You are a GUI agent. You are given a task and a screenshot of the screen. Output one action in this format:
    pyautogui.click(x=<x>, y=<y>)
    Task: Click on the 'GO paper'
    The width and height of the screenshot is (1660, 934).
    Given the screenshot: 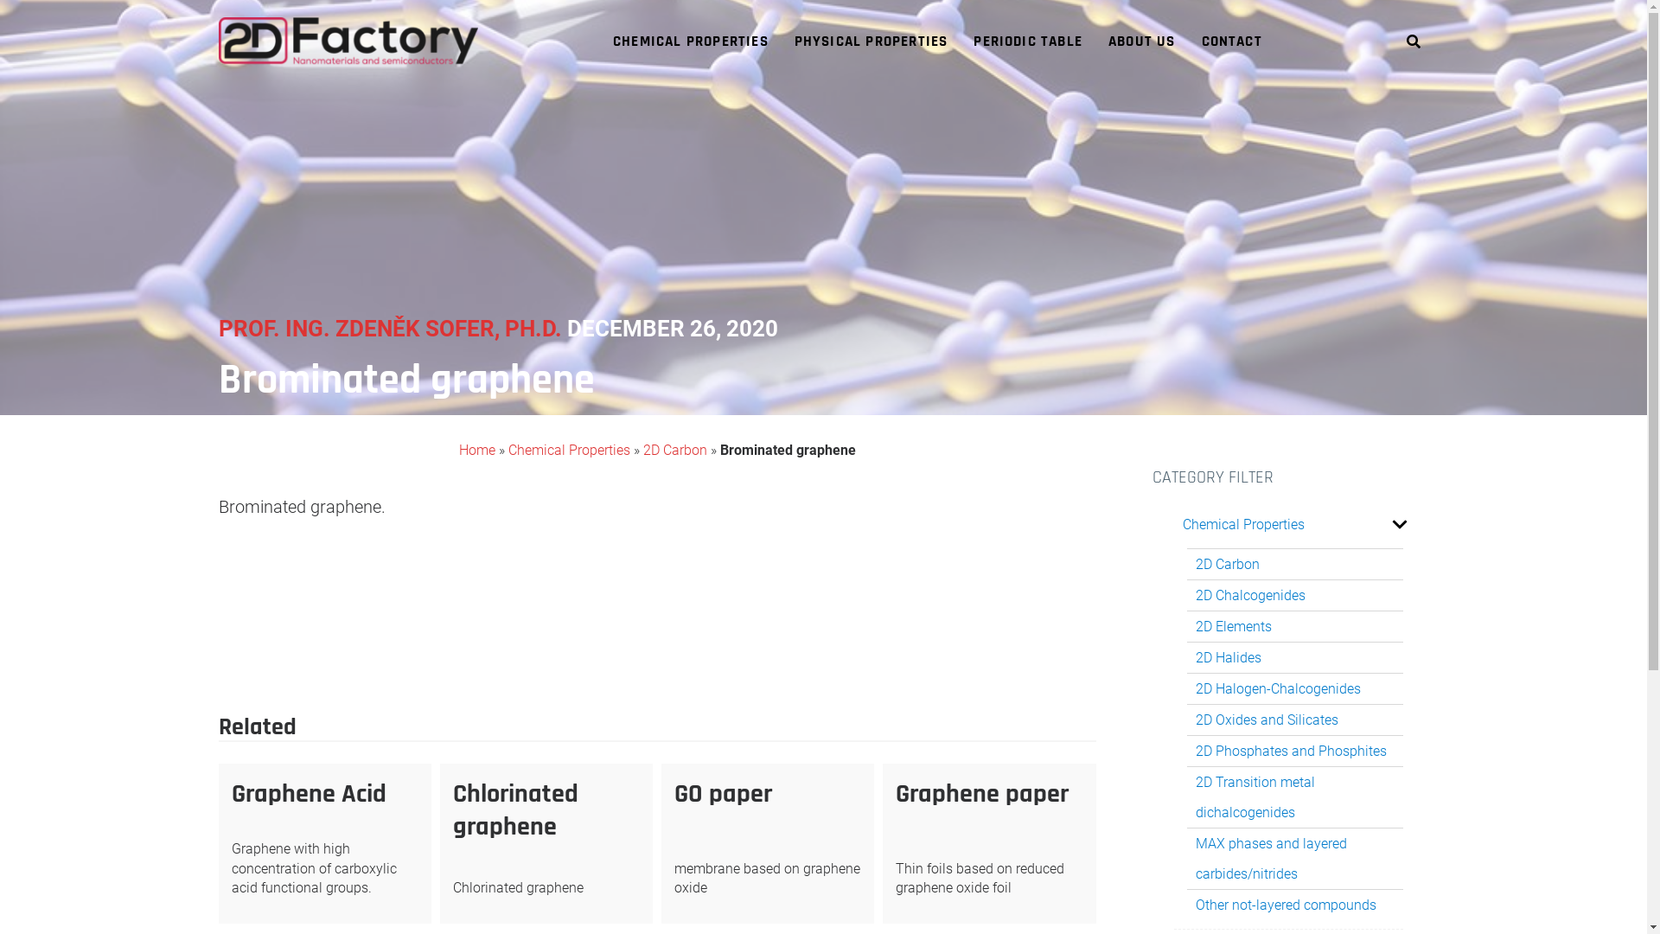 What is the action you would take?
    pyautogui.click(x=723, y=794)
    